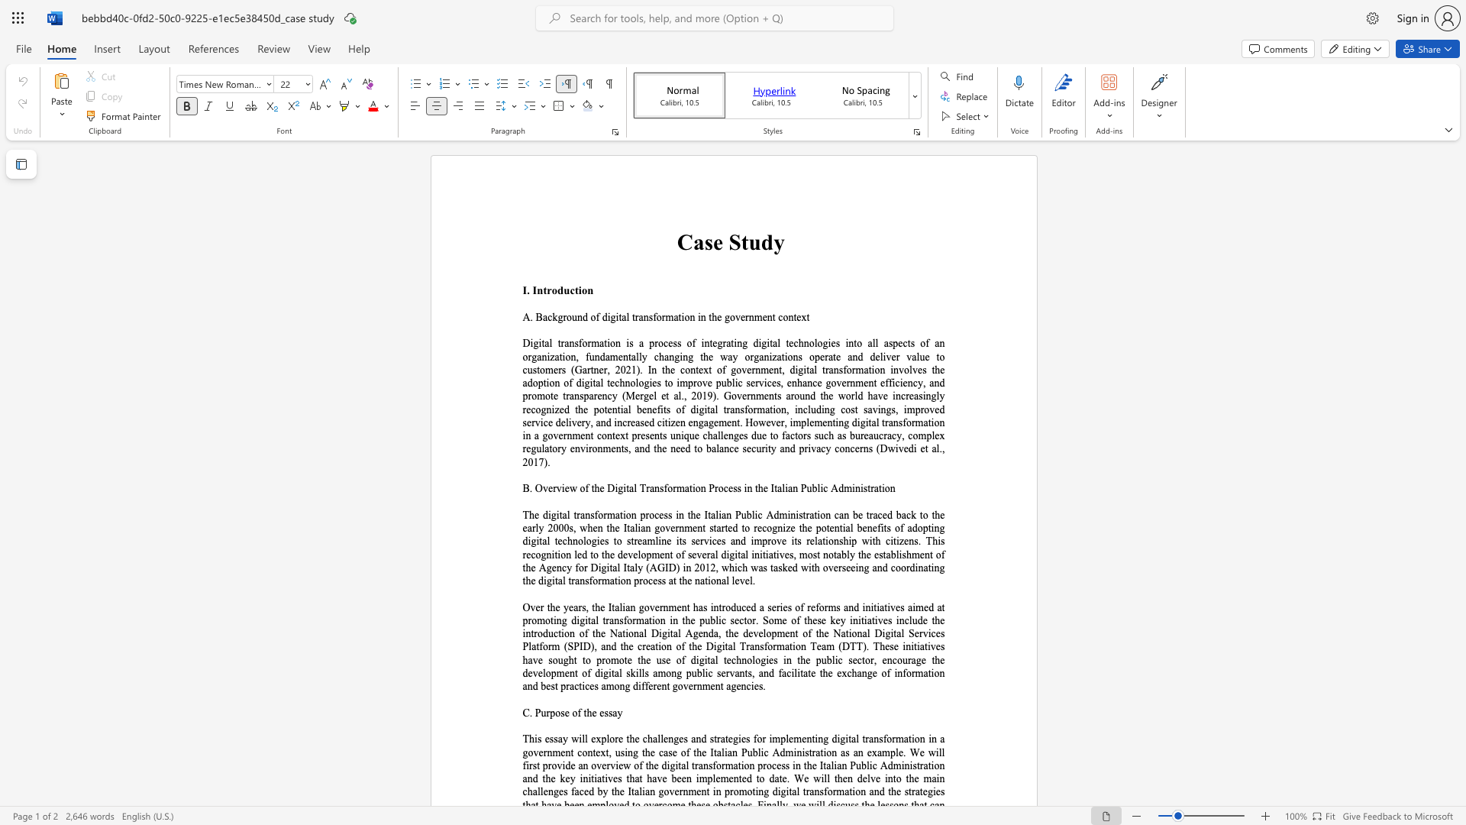 The width and height of the screenshot is (1466, 825). Describe the element at coordinates (534, 290) in the screenshot. I see `the 2th character "I" in the text` at that location.